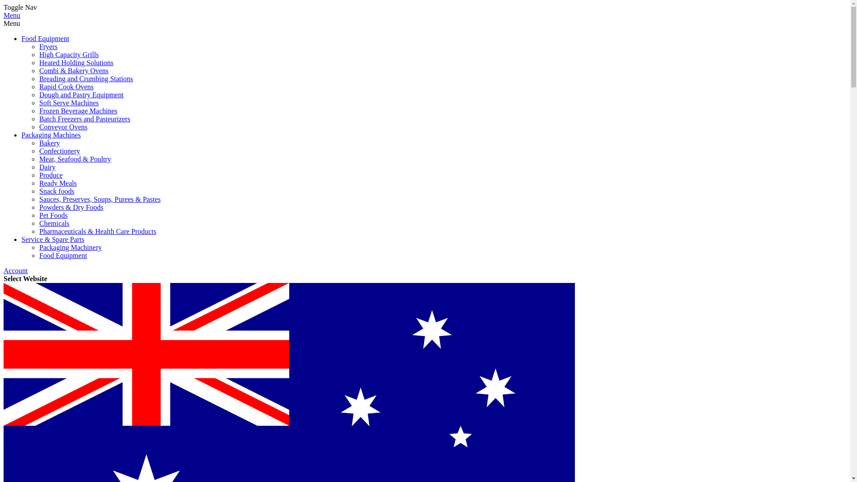  Describe the element at coordinates (49, 142) in the screenshot. I see `'Bakery'` at that location.